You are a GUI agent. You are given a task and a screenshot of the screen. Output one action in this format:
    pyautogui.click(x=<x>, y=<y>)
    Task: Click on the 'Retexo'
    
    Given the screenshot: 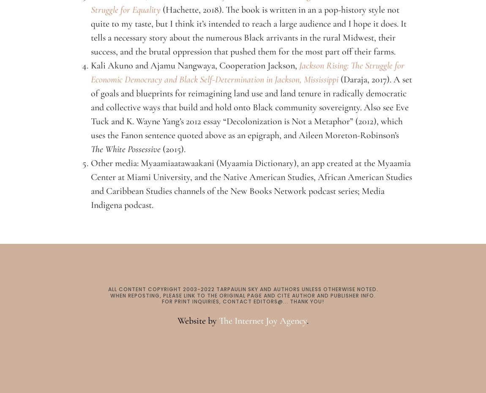 What is the action you would take?
    pyautogui.click(x=243, y=344)
    